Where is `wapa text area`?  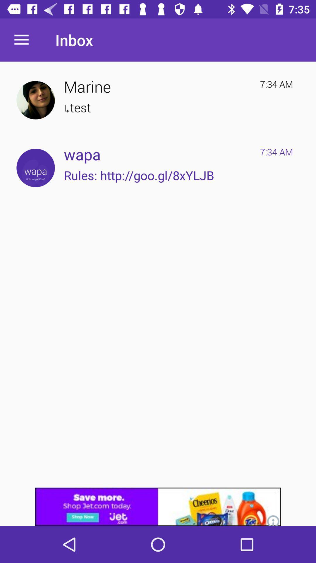 wapa text area is located at coordinates (35, 167).